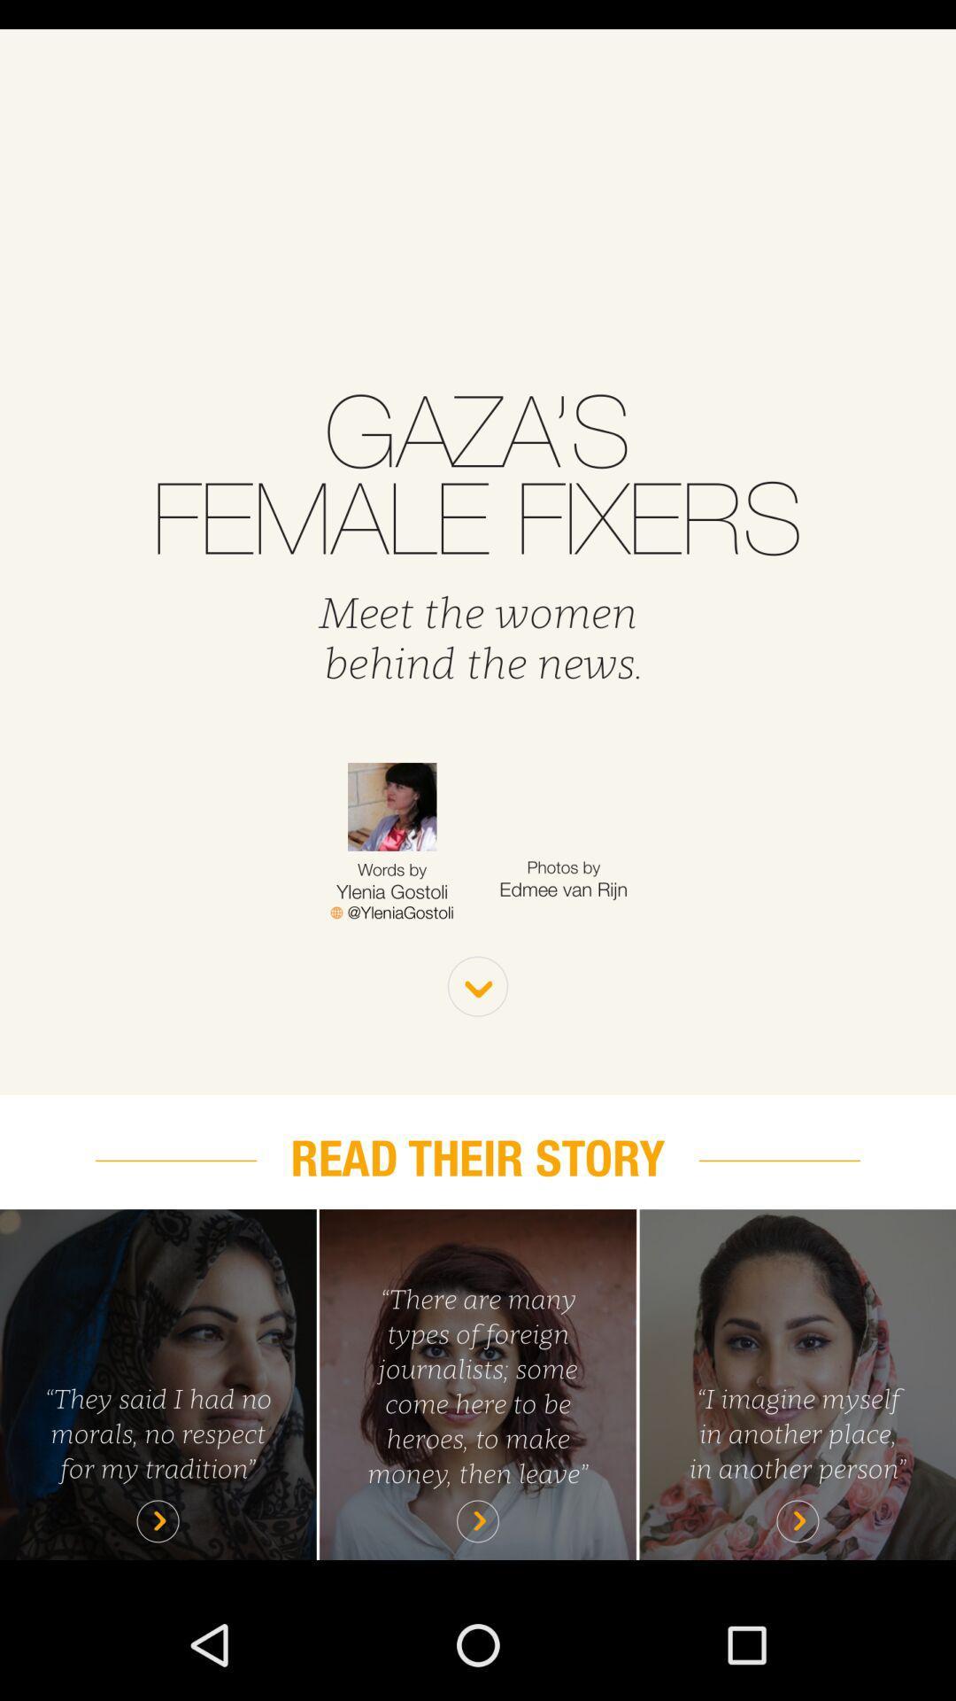 This screenshot has height=1701, width=956. I want to click on the date_range icon, so click(391, 975).